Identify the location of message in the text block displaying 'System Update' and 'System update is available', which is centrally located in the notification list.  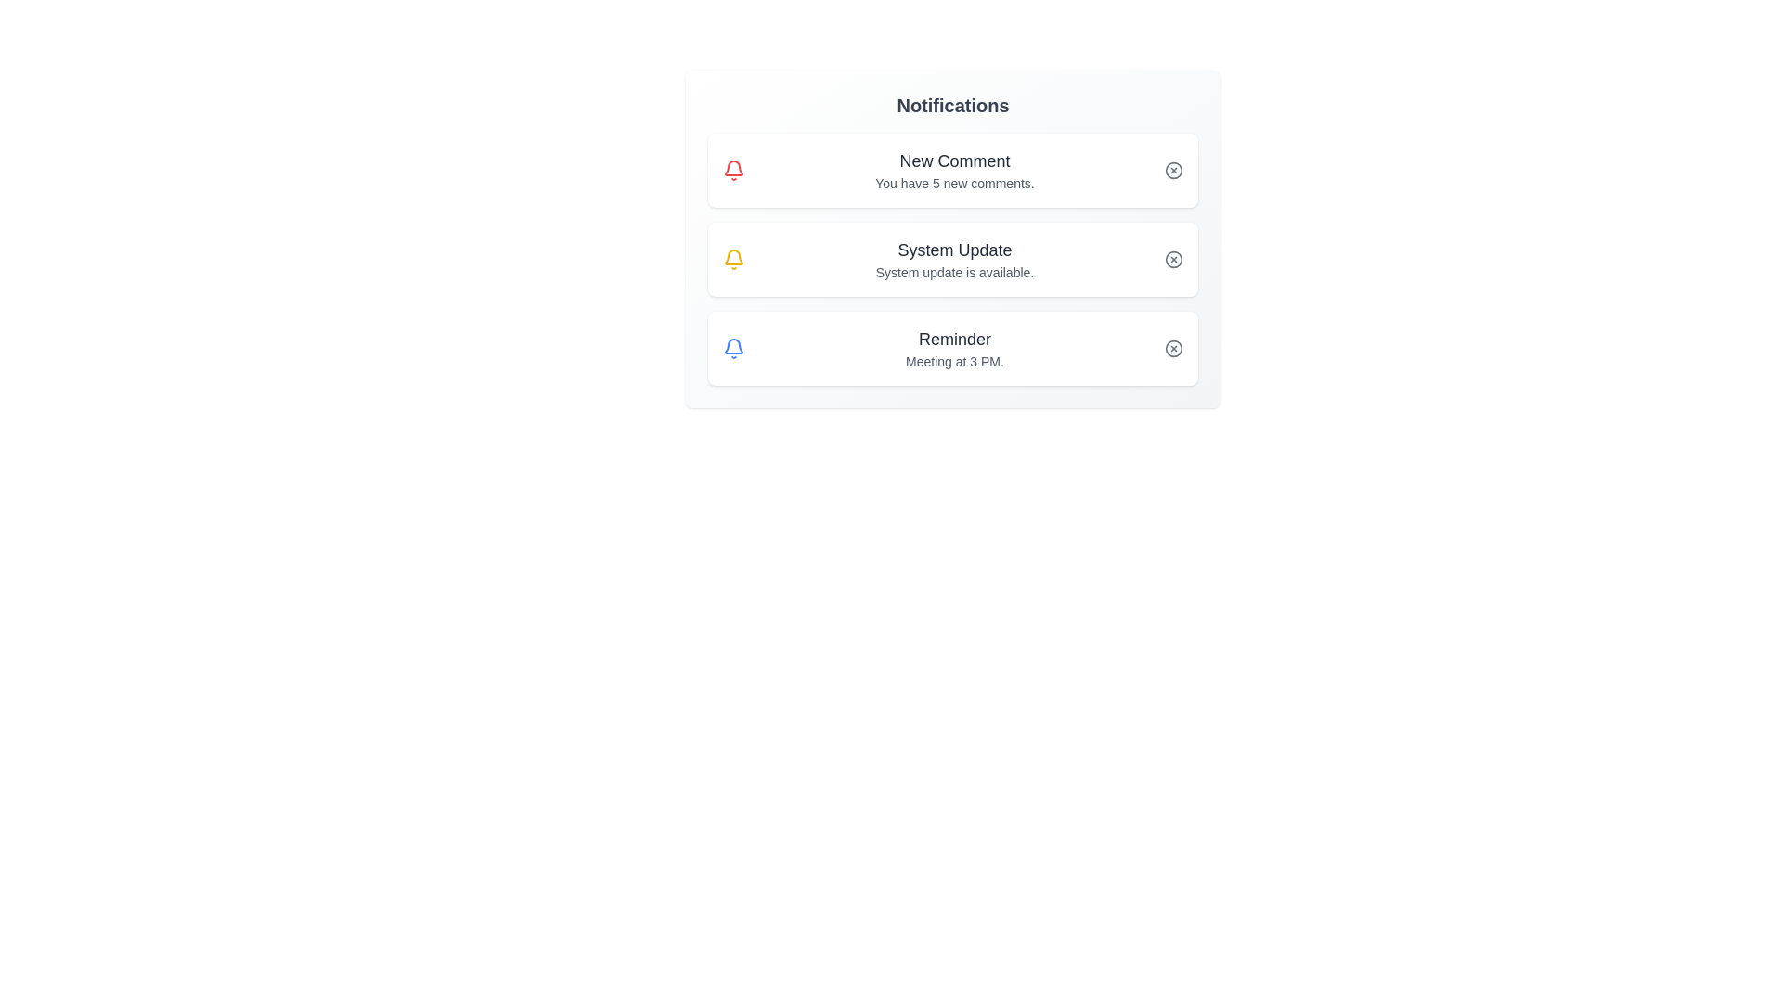
(954, 260).